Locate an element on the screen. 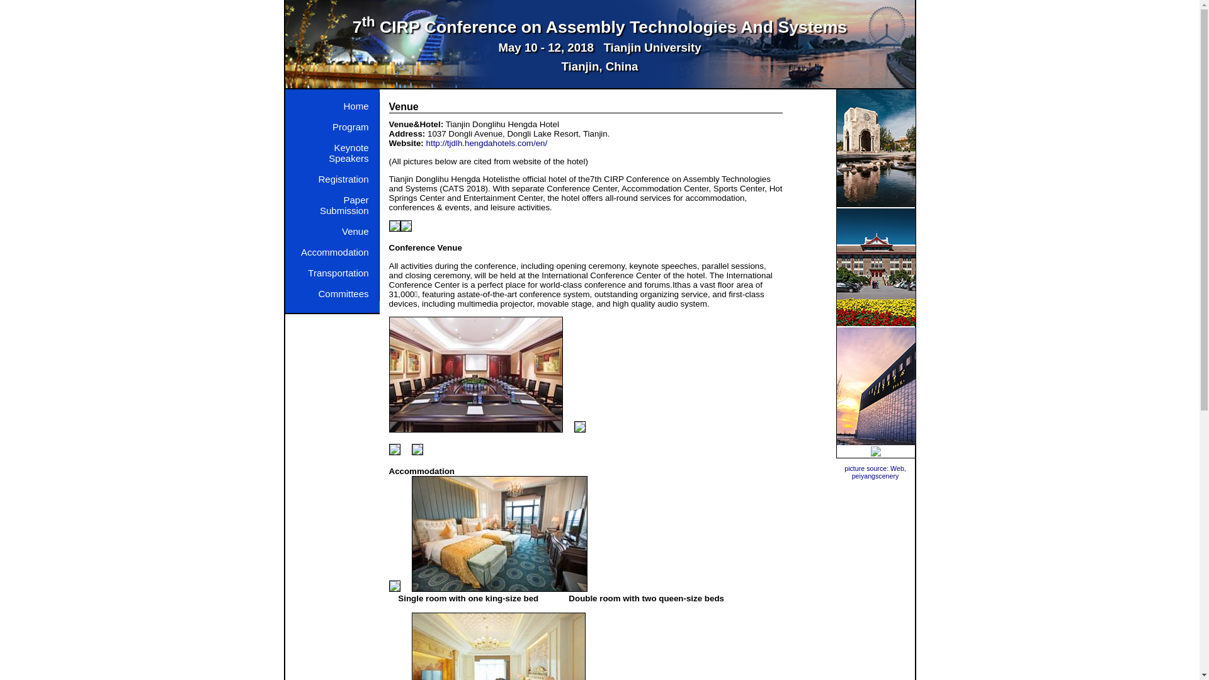  'Transportation' is located at coordinates (293, 269).